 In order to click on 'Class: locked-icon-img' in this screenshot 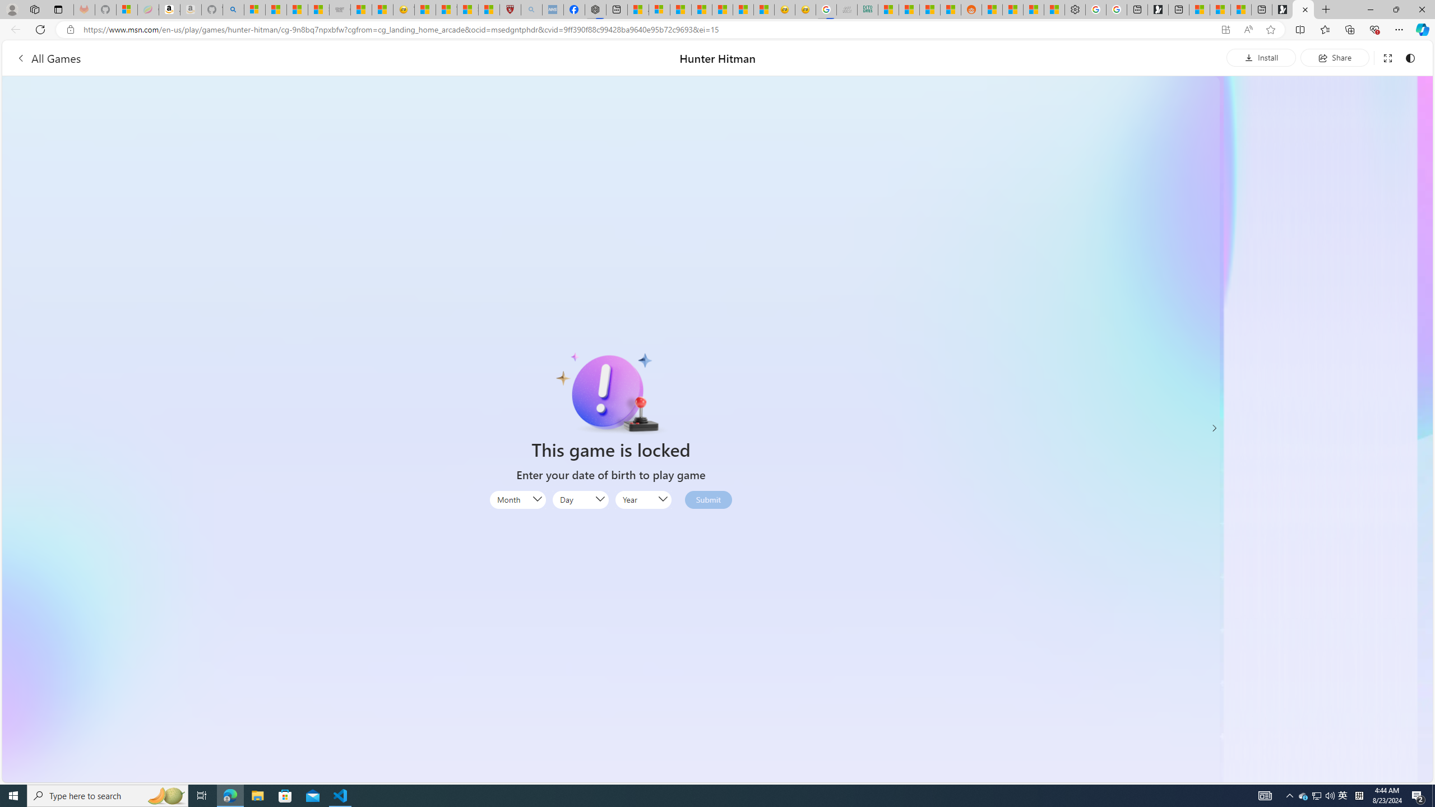, I will do `click(610, 393)`.